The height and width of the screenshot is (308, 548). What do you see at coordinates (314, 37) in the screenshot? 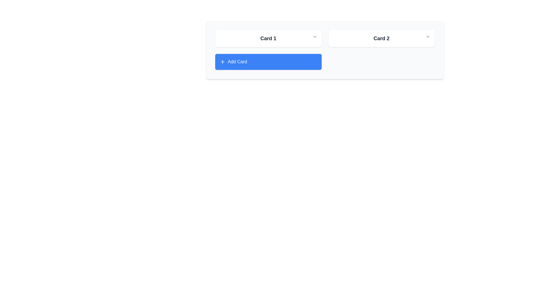
I see `the chevron-down icon located at the top-right corner of 'Card 1' section to interact with visual feedback` at bounding box center [314, 37].